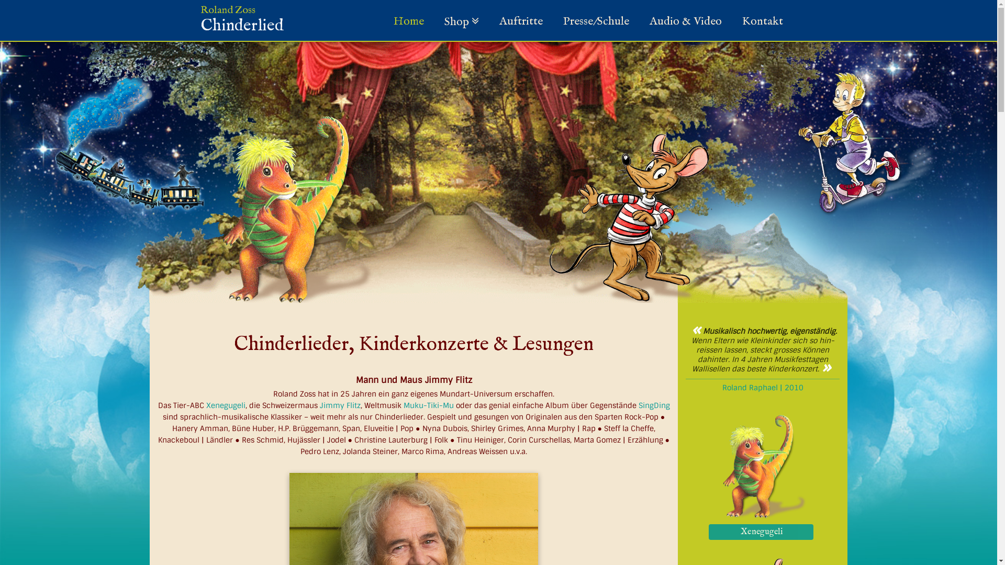 Image resolution: width=1005 pixels, height=565 pixels. What do you see at coordinates (685, 21) in the screenshot?
I see `'Audio & Video'` at bounding box center [685, 21].